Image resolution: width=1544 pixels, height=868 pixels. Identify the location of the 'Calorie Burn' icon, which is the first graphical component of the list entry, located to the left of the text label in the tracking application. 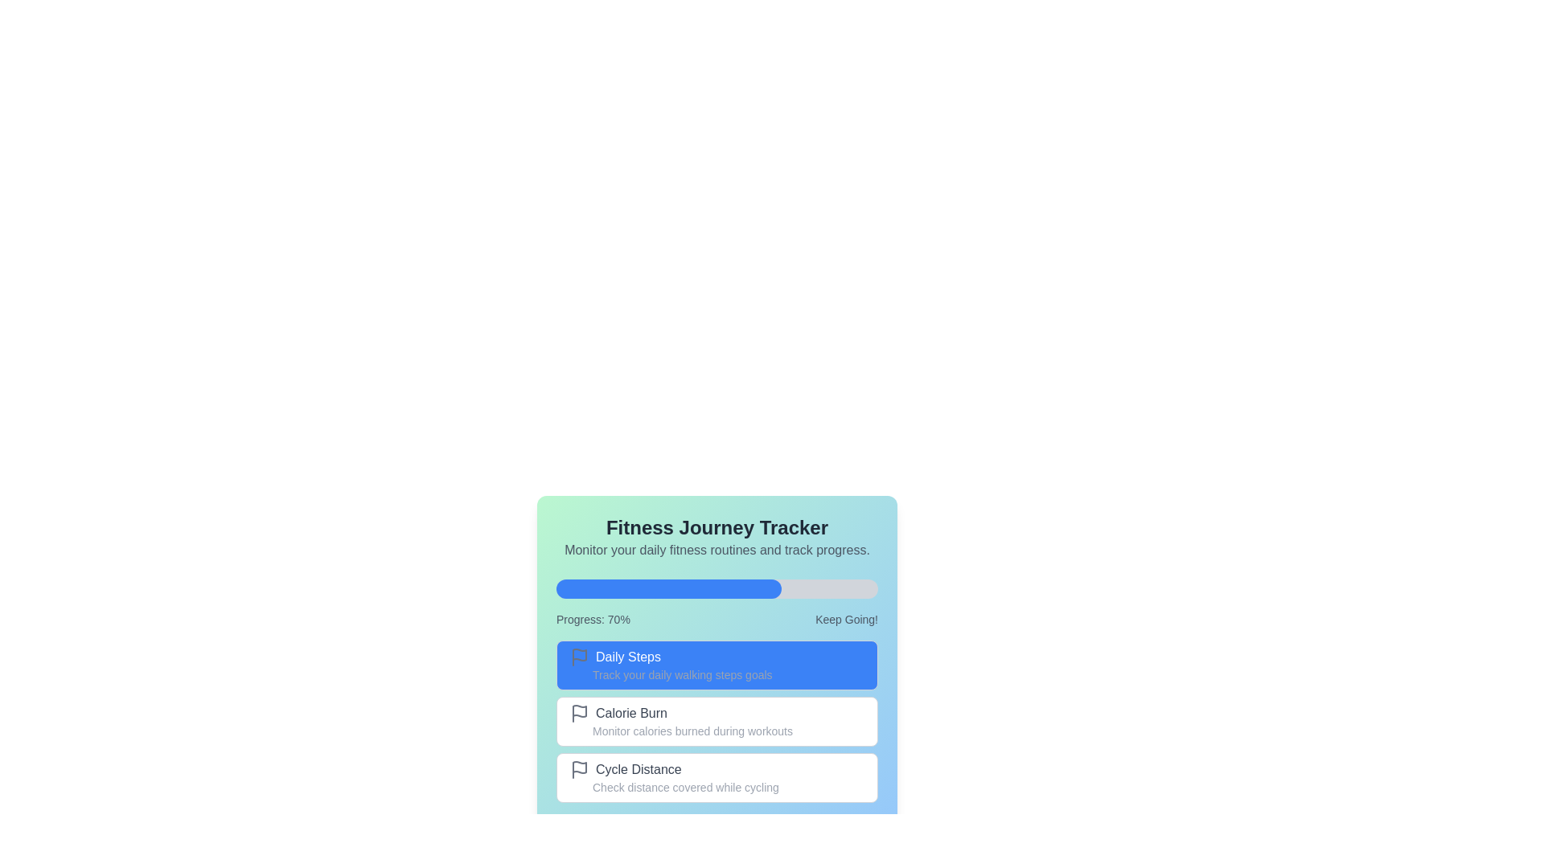
(579, 710).